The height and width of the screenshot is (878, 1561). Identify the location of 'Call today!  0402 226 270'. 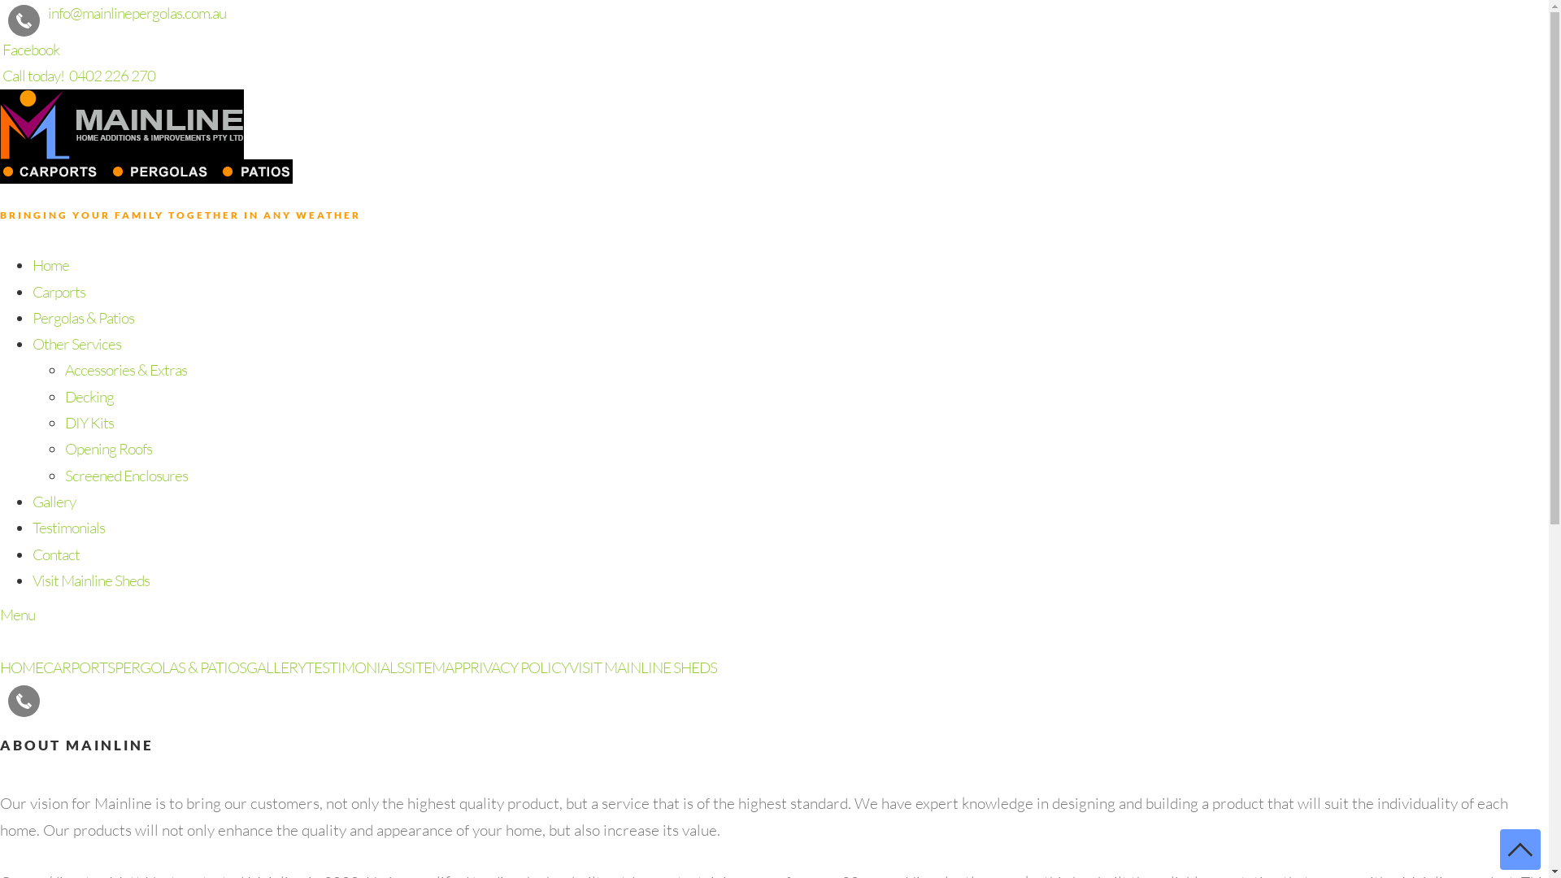
(77, 75).